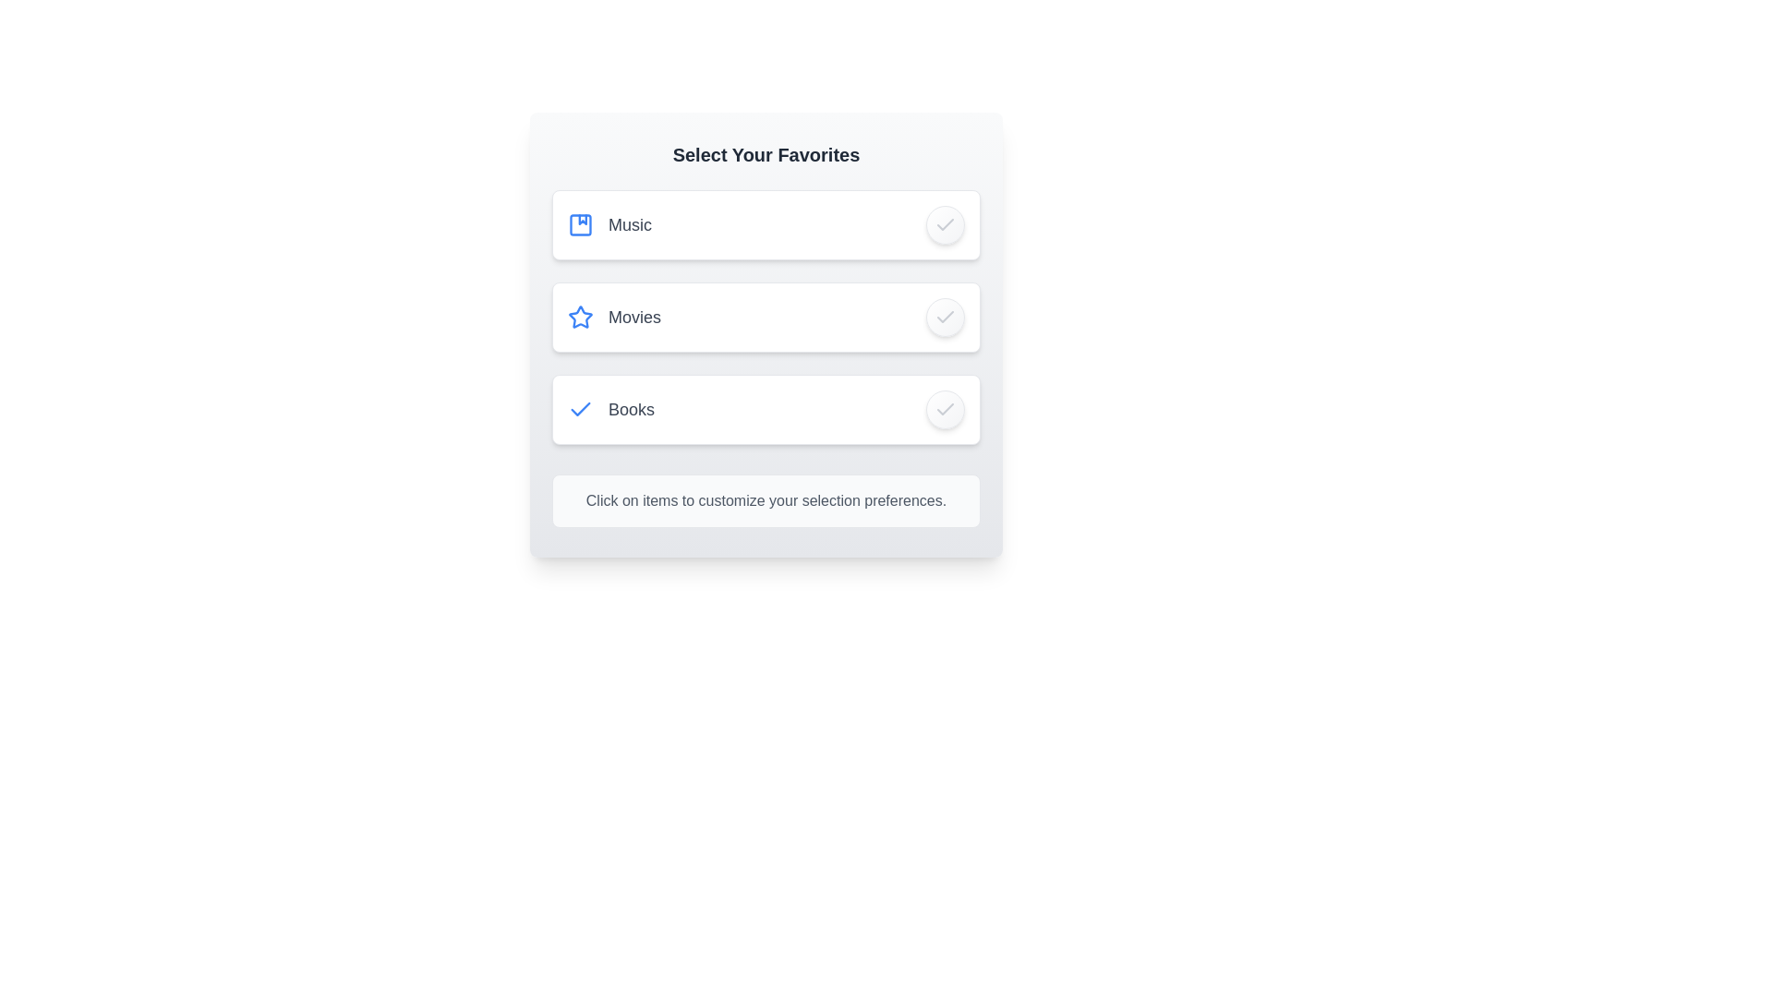 This screenshot has height=997, width=1773. Describe the element at coordinates (579, 408) in the screenshot. I see `the checkmark icon indicating selection in the third row of the list under the title 'Books'` at that location.